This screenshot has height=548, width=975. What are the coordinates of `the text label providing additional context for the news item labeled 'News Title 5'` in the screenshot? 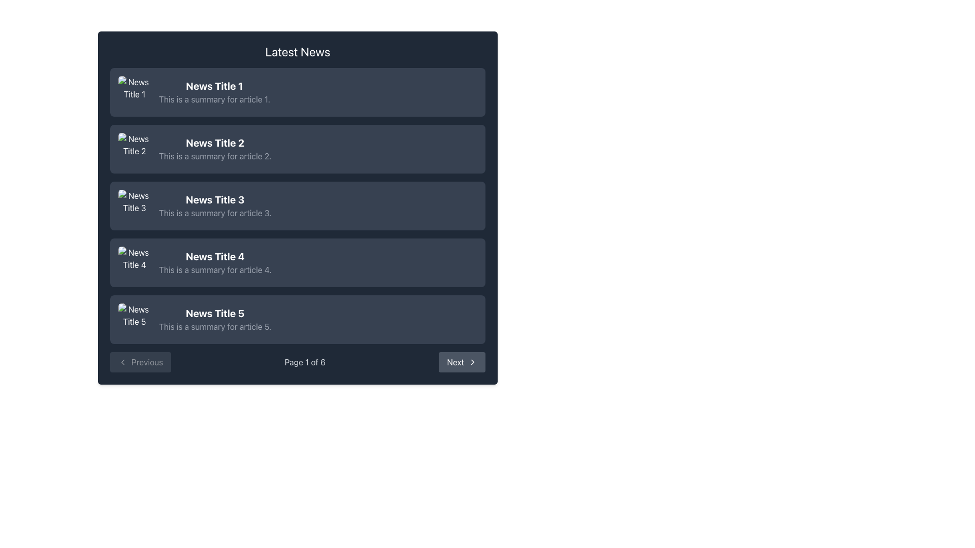 It's located at (214, 327).